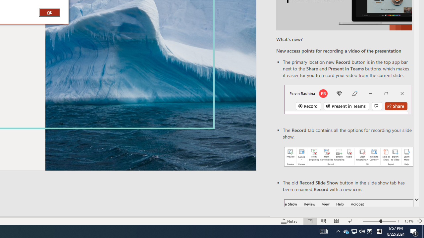 Image resolution: width=424 pixels, height=238 pixels. What do you see at coordinates (408, 221) in the screenshot?
I see `'Zoom 131%'` at bounding box center [408, 221].